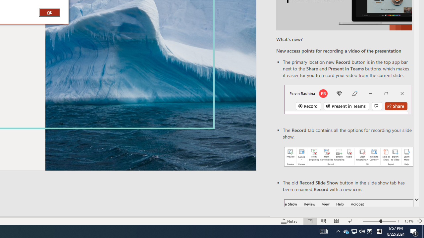 Image resolution: width=424 pixels, height=238 pixels. What do you see at coordinates (408, 221) in the screenshot?
I see `'Zoom 131%'` at bounding box center [408, 221].